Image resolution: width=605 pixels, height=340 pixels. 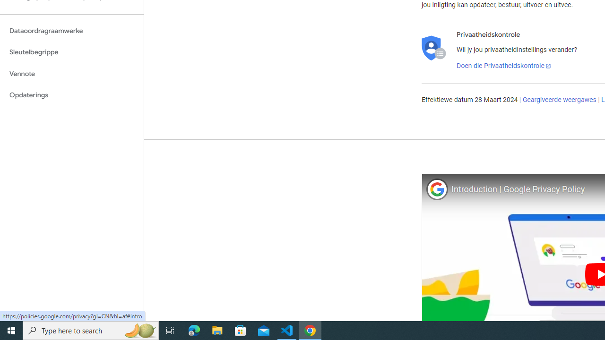 What do you see at coordinates (436, 189) in the screenshot?
I see `'Fotobeeld van Google'` at bounding box center [436, 189].